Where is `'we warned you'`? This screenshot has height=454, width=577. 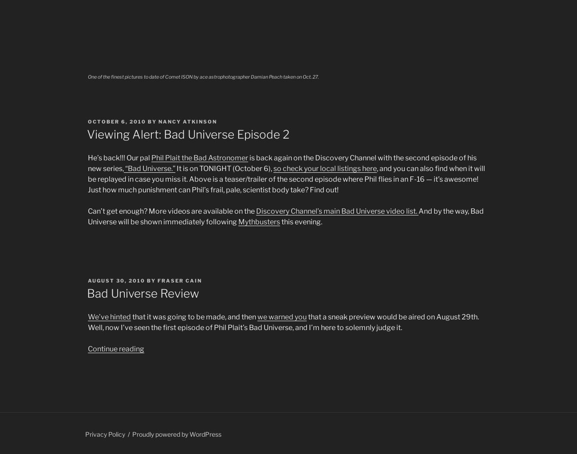 'we warned you' is located at coordinates (282, 317).